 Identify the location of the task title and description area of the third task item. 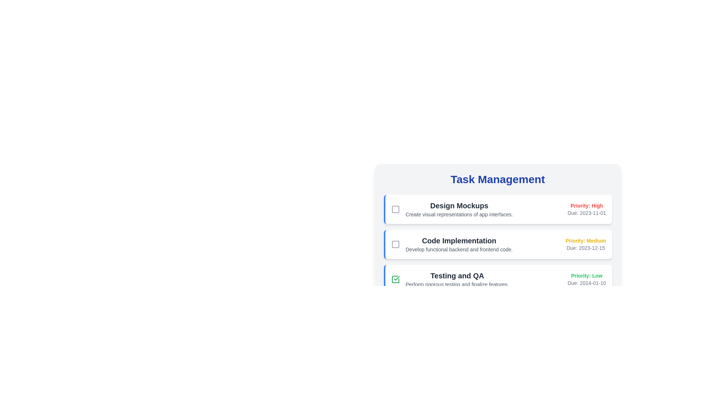
(498, 279).